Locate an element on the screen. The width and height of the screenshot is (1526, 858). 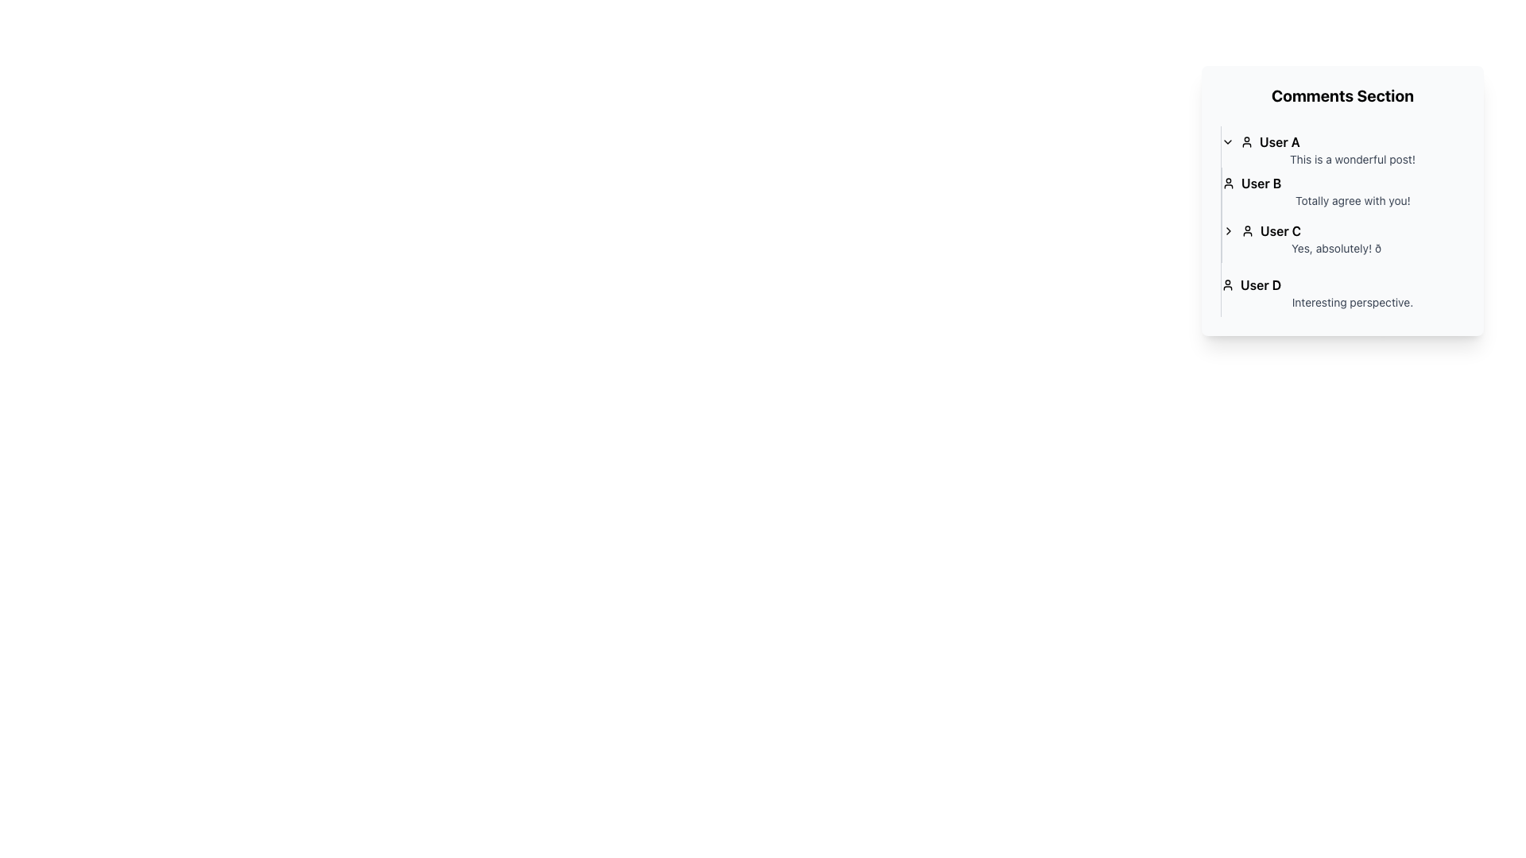
the SVG-based user avatar icon, which is a simplistic outline of a person, located in the third comment entry immediately to the left of 'User C' is located at coordinates (1246, 230).